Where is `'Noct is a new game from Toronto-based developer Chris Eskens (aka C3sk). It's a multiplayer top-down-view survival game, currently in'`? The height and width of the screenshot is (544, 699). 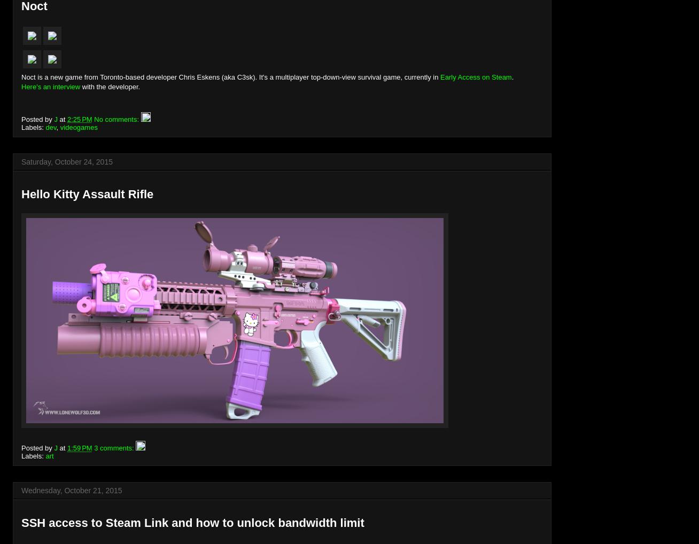
'Noct is a new game from Toronto-based developer Chris Eskens (aka C3sk). It's a multiplayer top-down-view survival game, currently in' is located at coordinates (230, 76).